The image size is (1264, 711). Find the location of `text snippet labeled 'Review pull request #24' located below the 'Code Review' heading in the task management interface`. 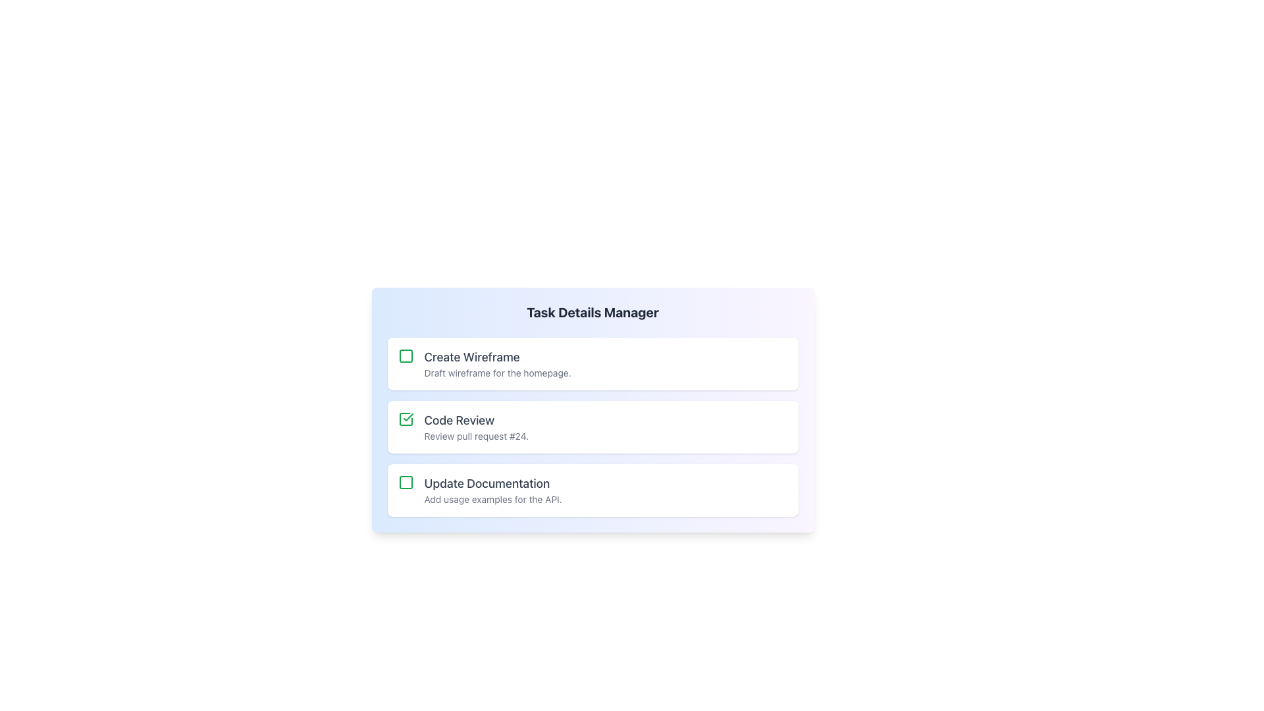

text snippet labeled 'Review pull request #24' located below the 'Code Review' heading in the task management interface is located at coordinates (475, 436).